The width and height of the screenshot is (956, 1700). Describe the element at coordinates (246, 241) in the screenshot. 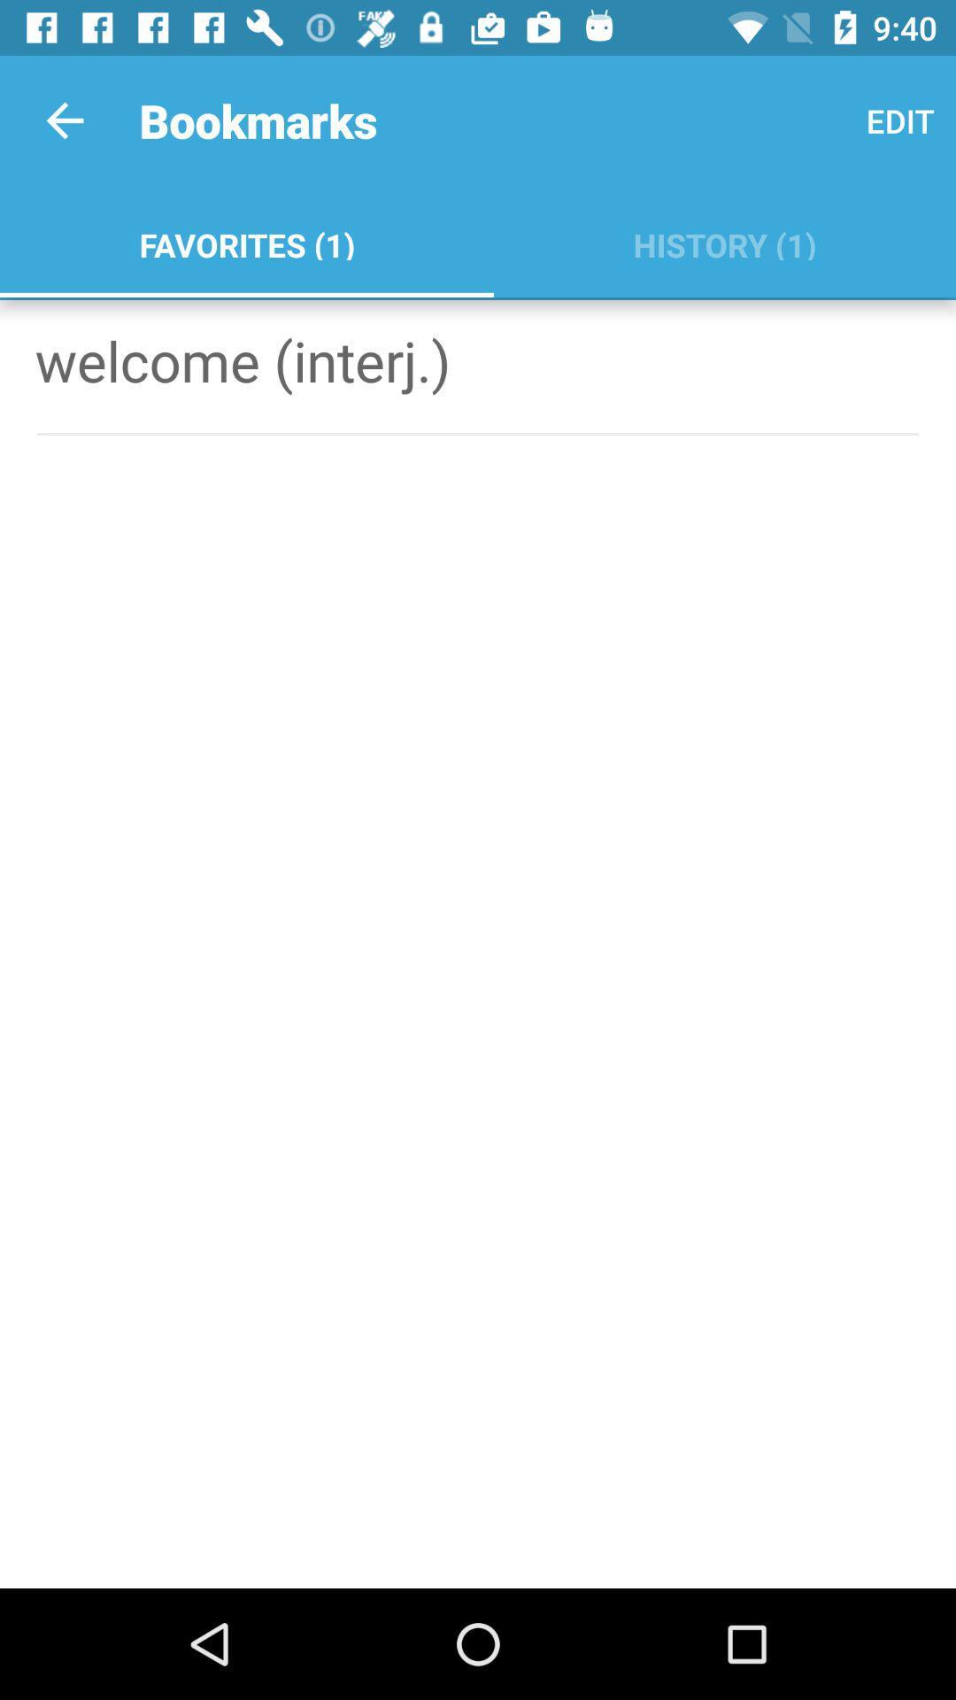

I see `the app to the left of the history (1)` at that location.